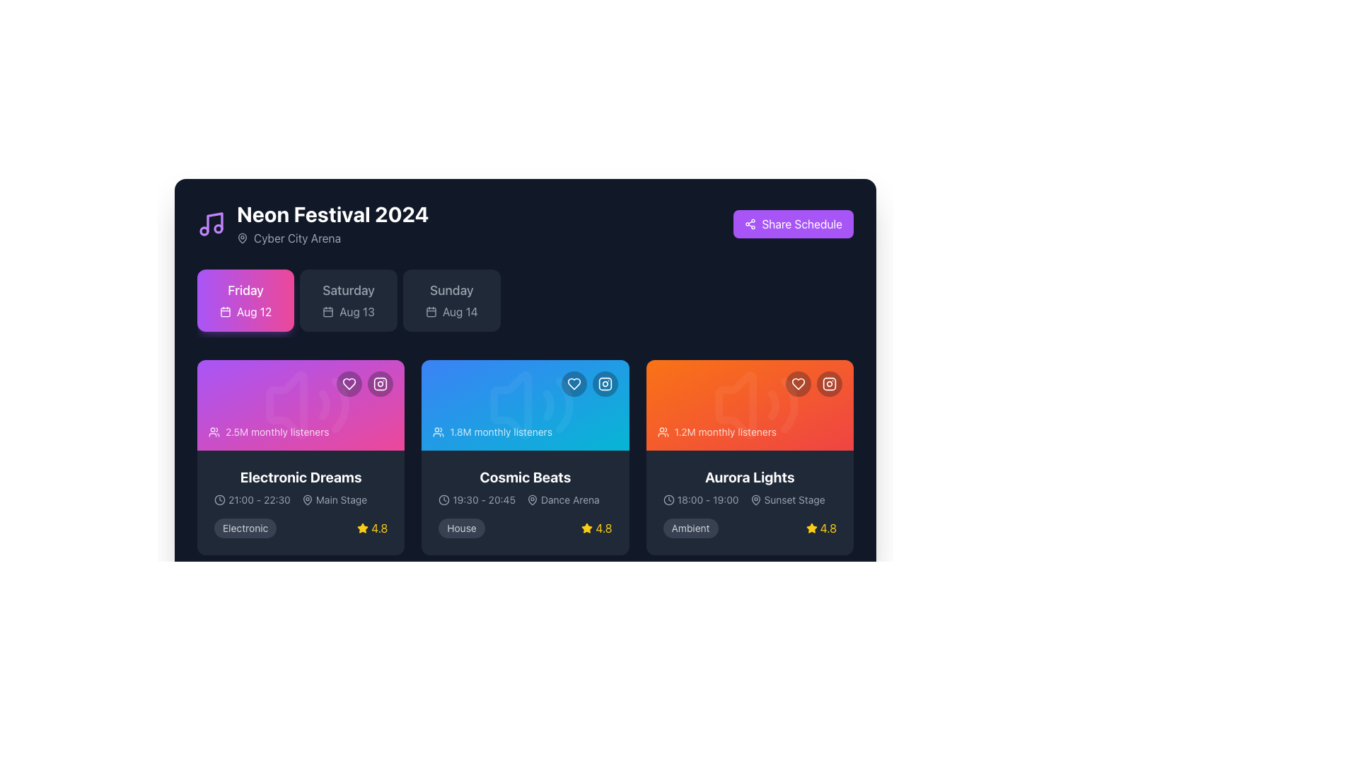 The image size is (1358, 764). Describe the element at coordinates (811, 528) in the screenshot. I see `the star icon representing the rating for the 'Aurora Lights' event, located in the lower-right corner of the card, below the 'Ambient' tag and next to the rating score '4.8'` at that location.